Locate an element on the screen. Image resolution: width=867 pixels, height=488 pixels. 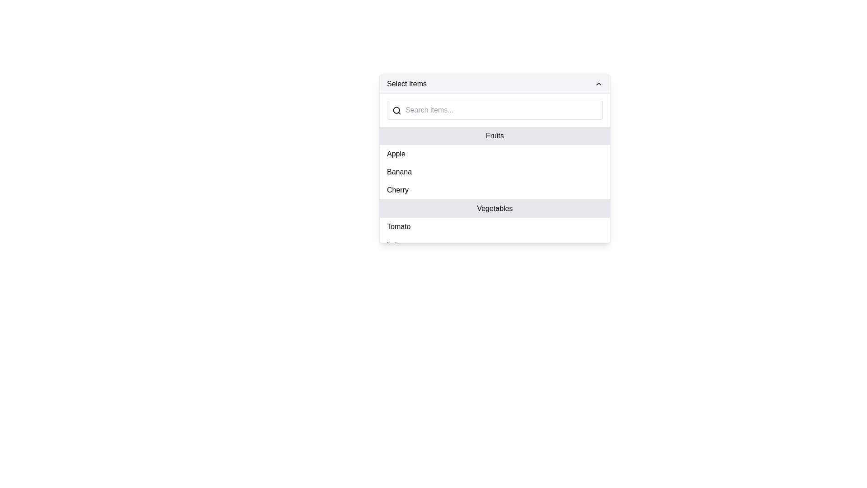
the 'Tomato' text label located under the 'Vegetables' header is located at coordinates (398, 226).